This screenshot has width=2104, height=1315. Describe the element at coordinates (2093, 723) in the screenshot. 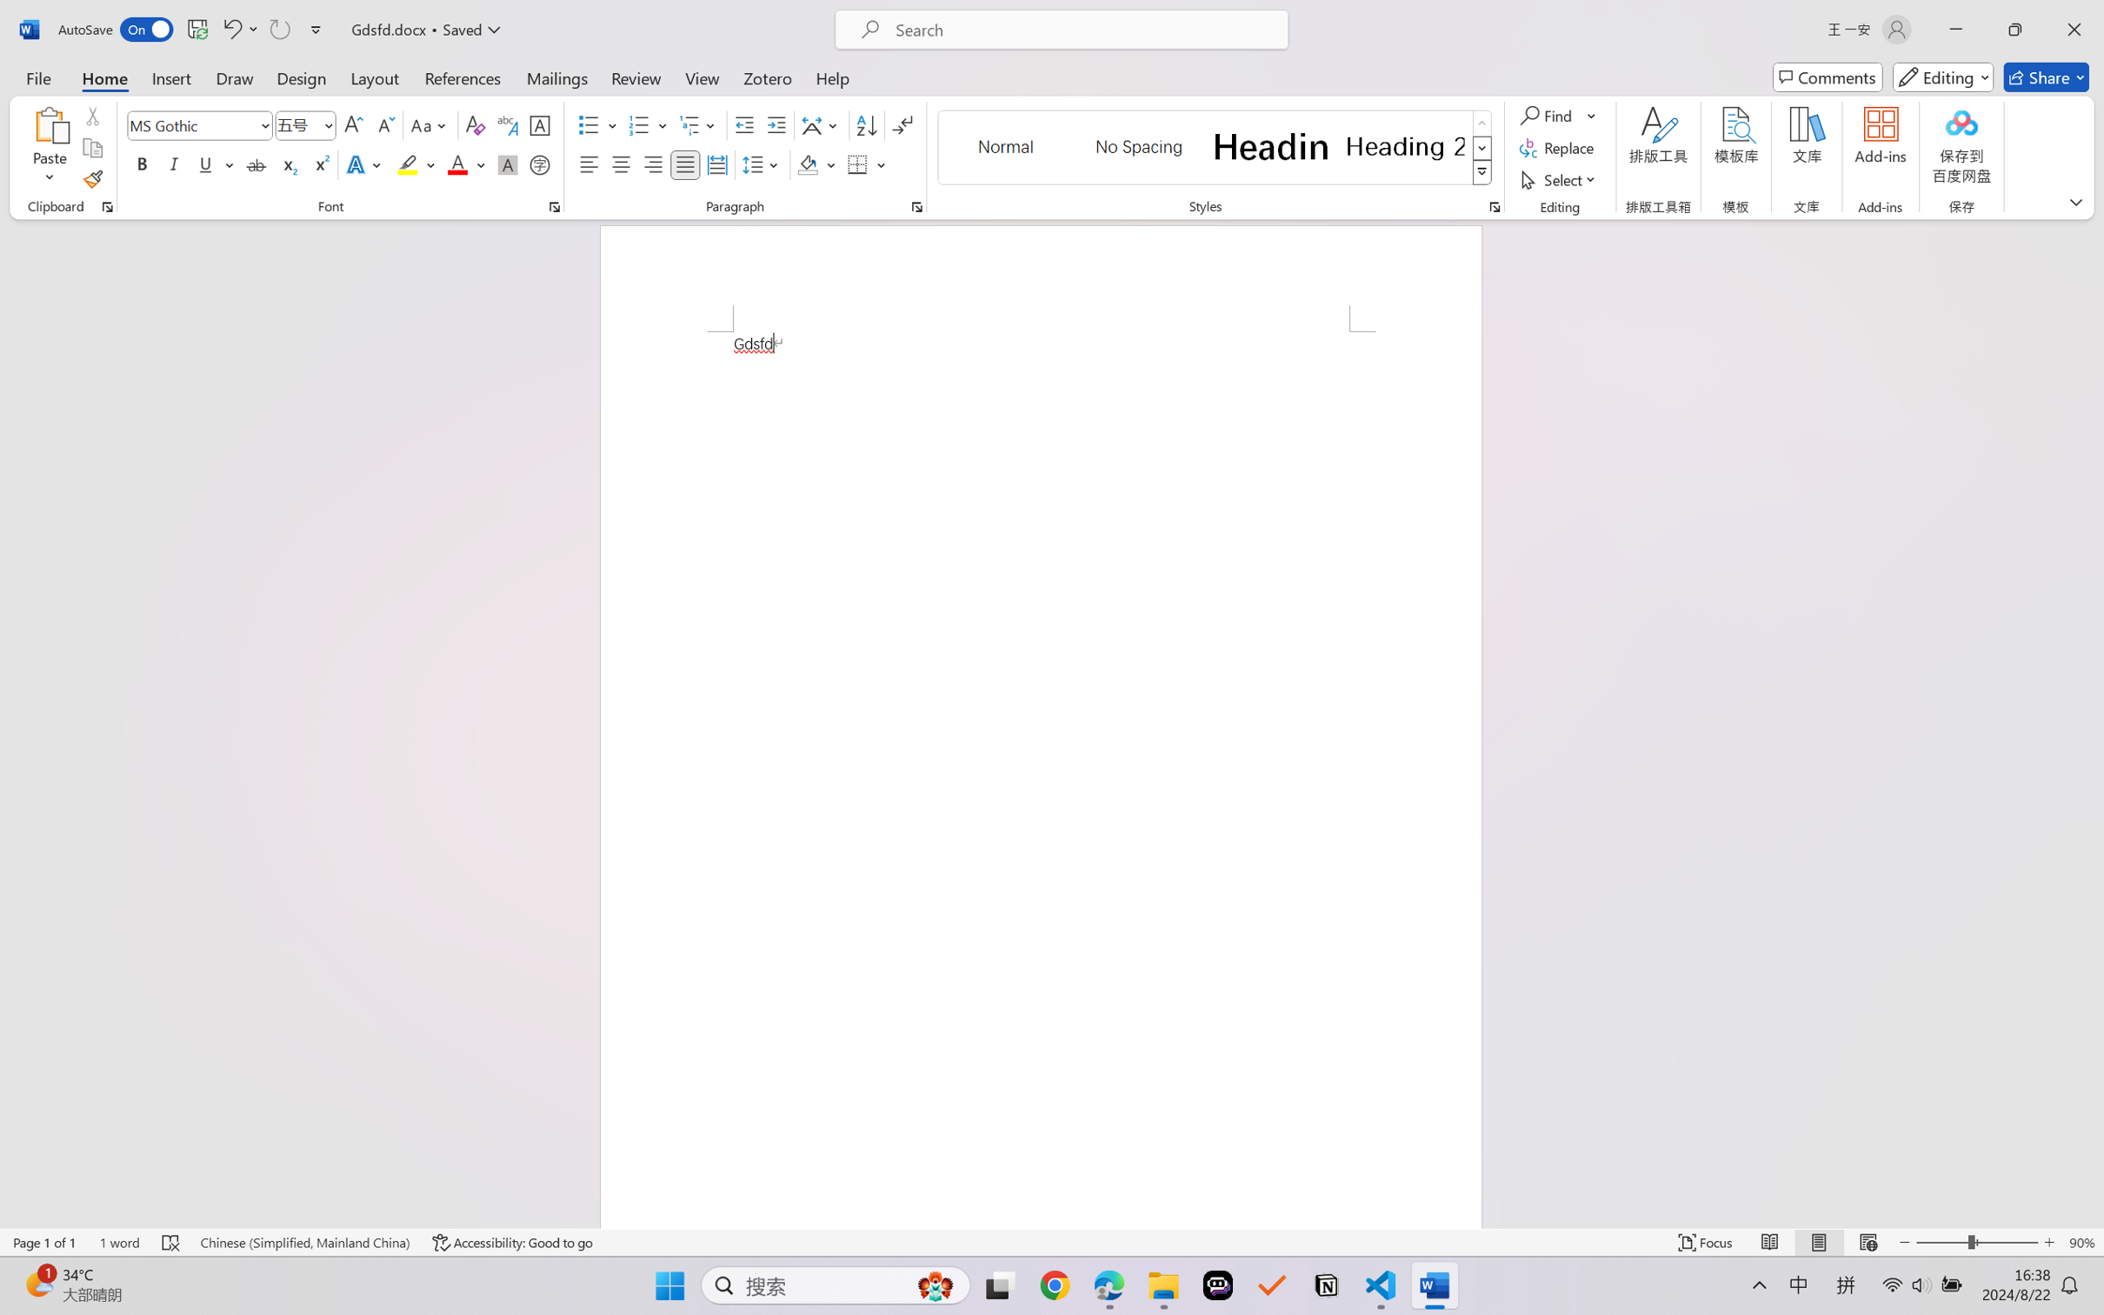

I see `'Class: NetUIScrollBar'` at that location.